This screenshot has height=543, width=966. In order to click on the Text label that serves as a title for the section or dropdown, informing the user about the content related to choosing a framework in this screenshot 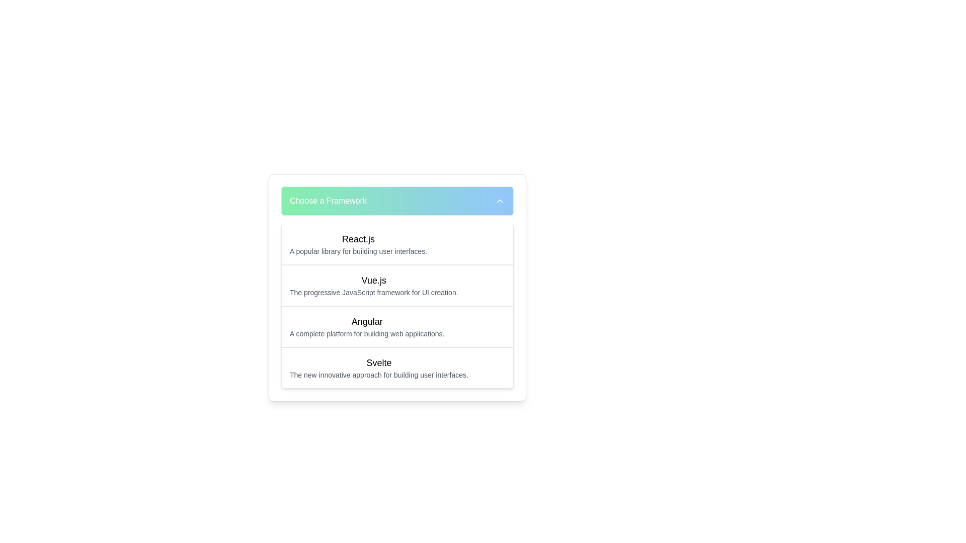, I will do `click(328, 201)`.